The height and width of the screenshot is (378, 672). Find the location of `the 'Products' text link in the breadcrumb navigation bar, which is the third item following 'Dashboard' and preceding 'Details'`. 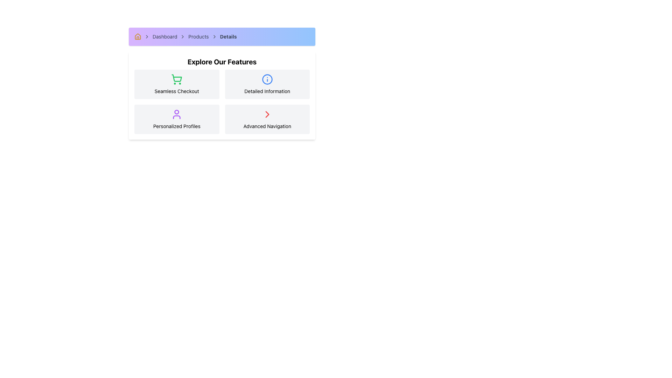

the 'Products' text link in the breadcrumb navigation bar, which is the third item following 'Dashboard' and preceding 'Details' is located at coordinates (198, 36).